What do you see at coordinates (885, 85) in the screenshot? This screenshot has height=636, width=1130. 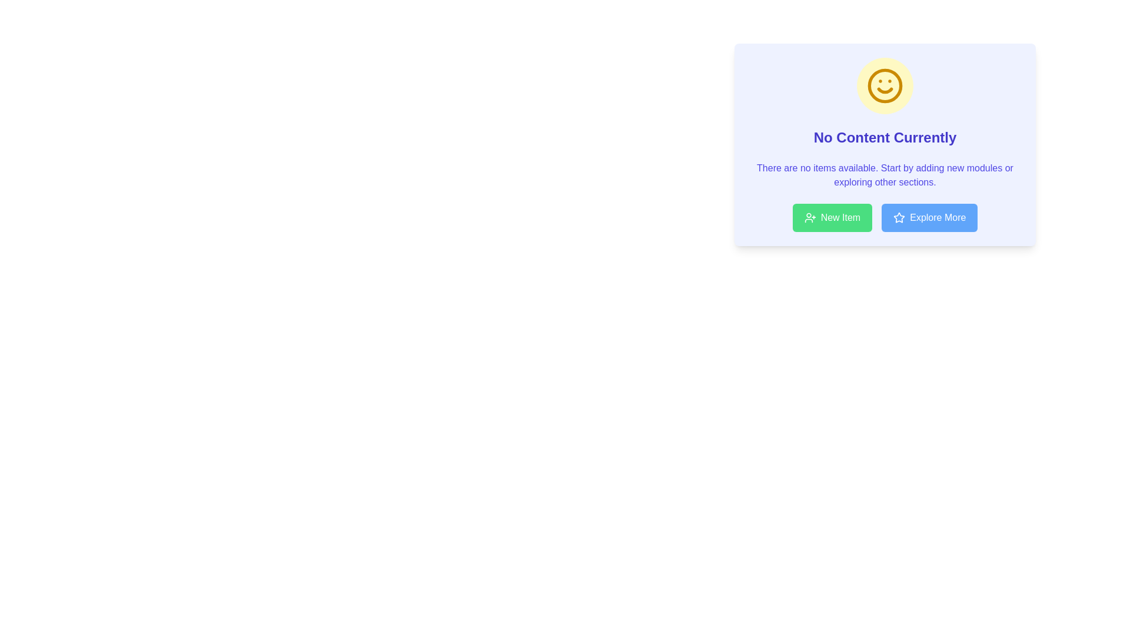 I see `the circular outline with a yellow border that is part of the smiling face icon, located at the top center of the card containing the text 'No Content Currently'` at bounding box center [885, 85].